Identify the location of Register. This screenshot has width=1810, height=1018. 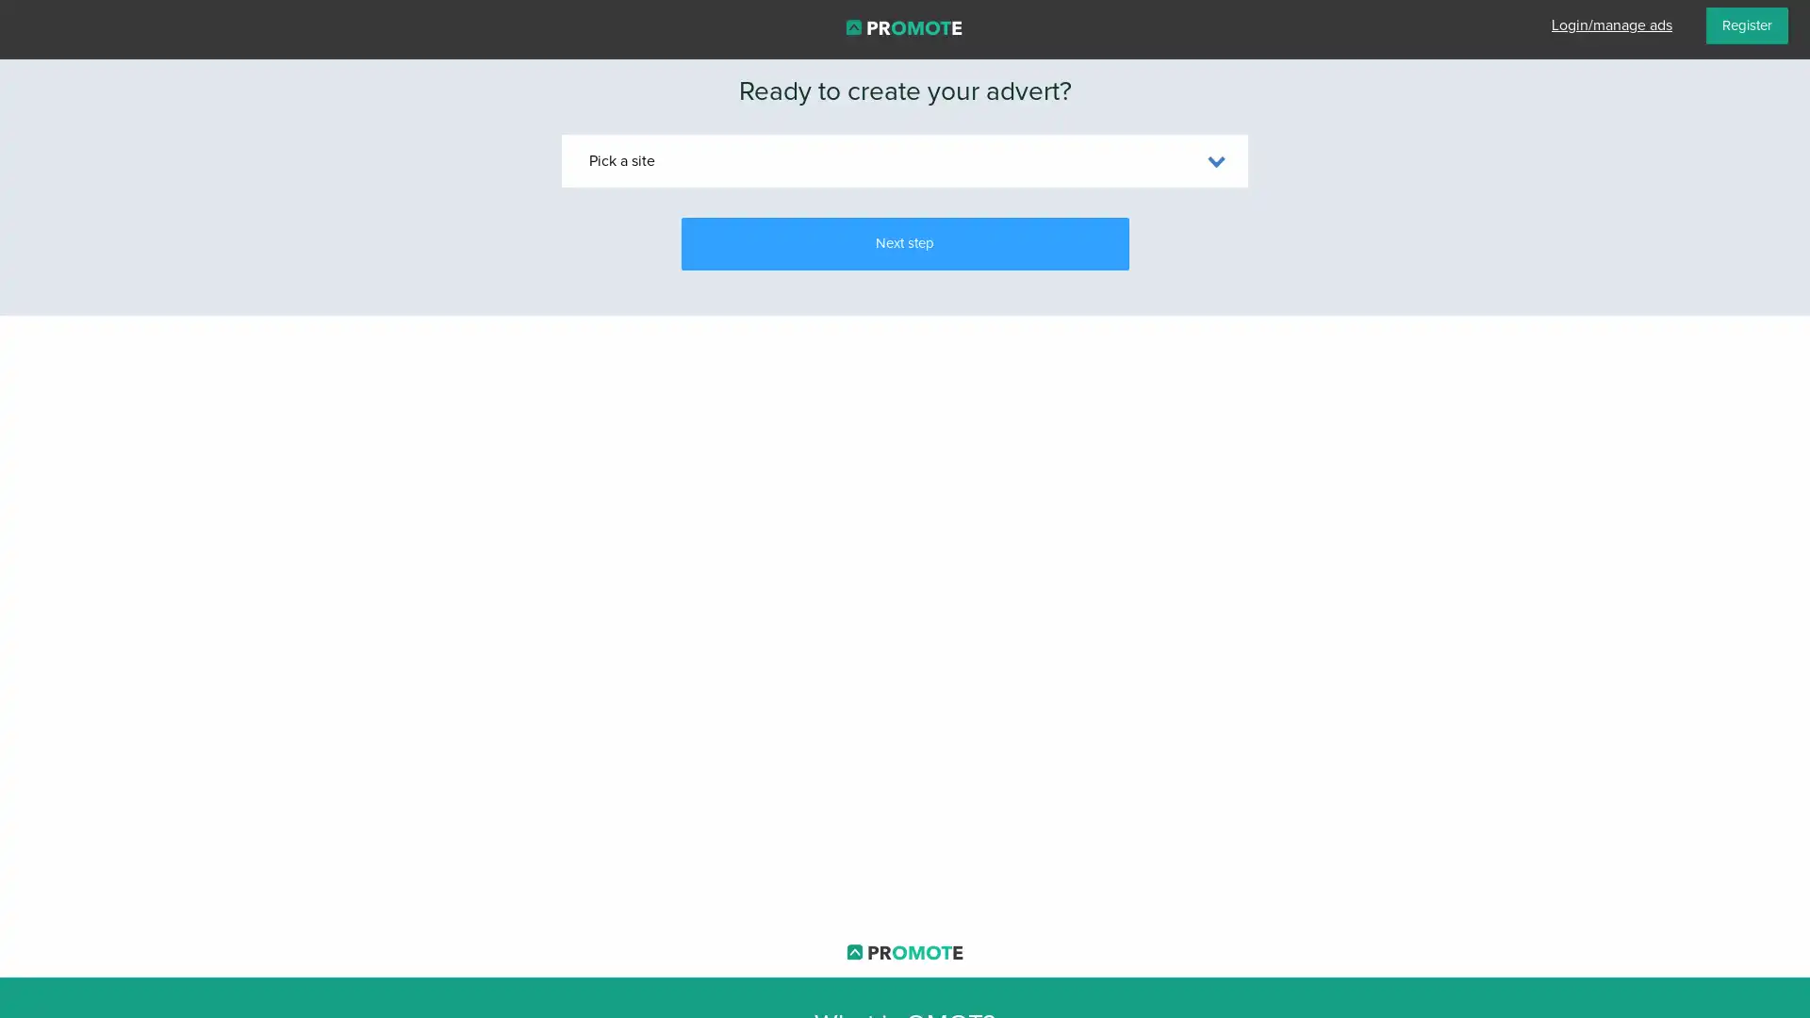
(1746, 25).